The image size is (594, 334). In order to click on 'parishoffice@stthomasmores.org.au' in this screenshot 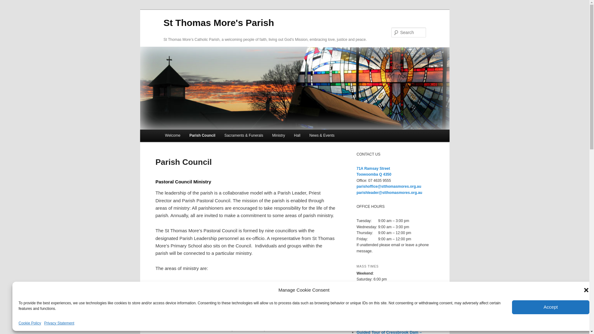, I will do `click(388, 186)`.